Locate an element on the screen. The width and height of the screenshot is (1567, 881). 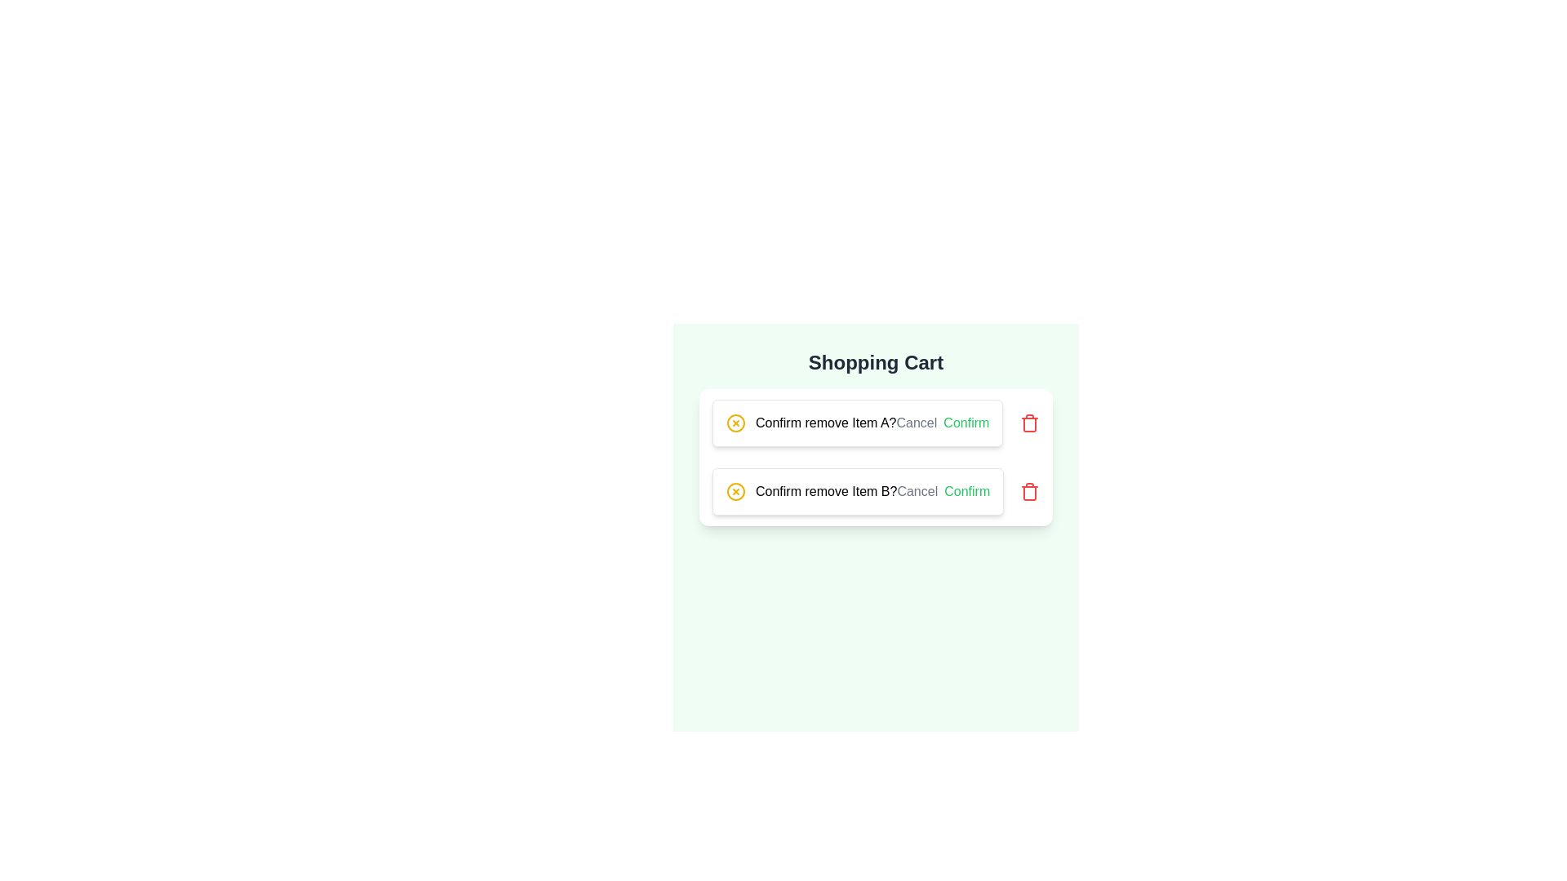
the 'Cancel' text button, which is displayed in gray and located in the dialog box for confirming the removal of an item, positioned between the confirmation message and the 'Confirm' button is located at coordinates (917, 423).